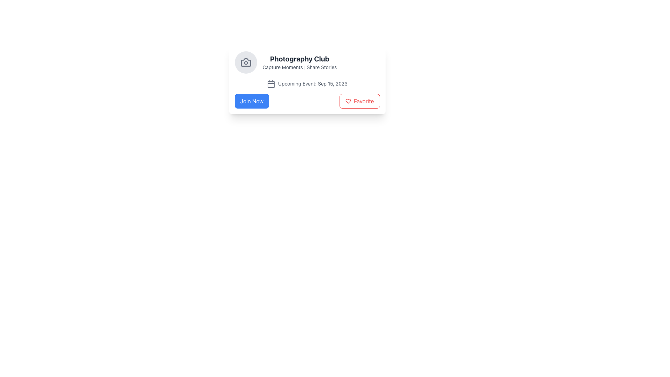 This screenshot has width=670, height=377. What do you see at coordinates (348, 101) in the screenshot?
I see `the heart icon, which is a red-bordered icon filled with red, located to the left of the 'Favorite' text within the red-bordered button in the bottom-right corner of the card interface` at bounding box center [348, 101].